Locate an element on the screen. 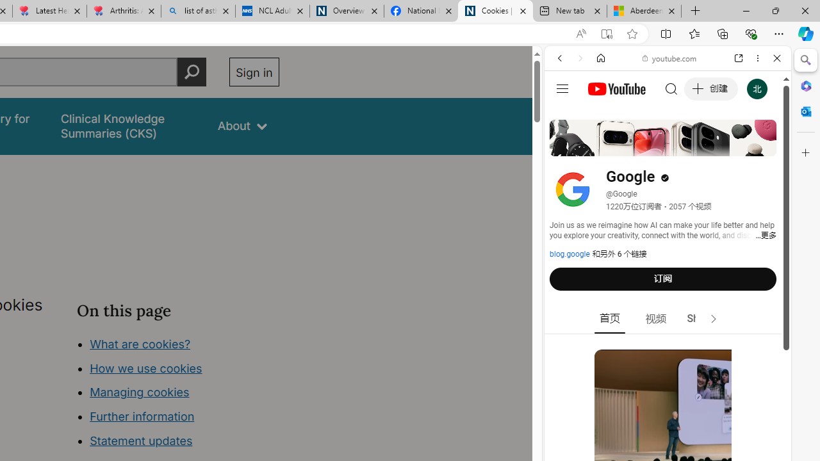 The width and height of the screenshot is (820, 461). 'blog.google' is located at coordinates (569, 254).